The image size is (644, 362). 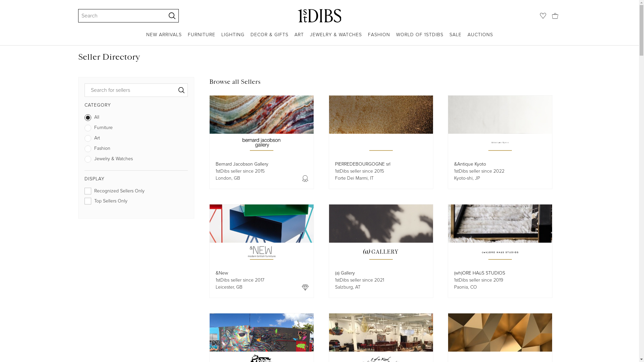 I want to click on 'Art', so click(x=136, y=139).